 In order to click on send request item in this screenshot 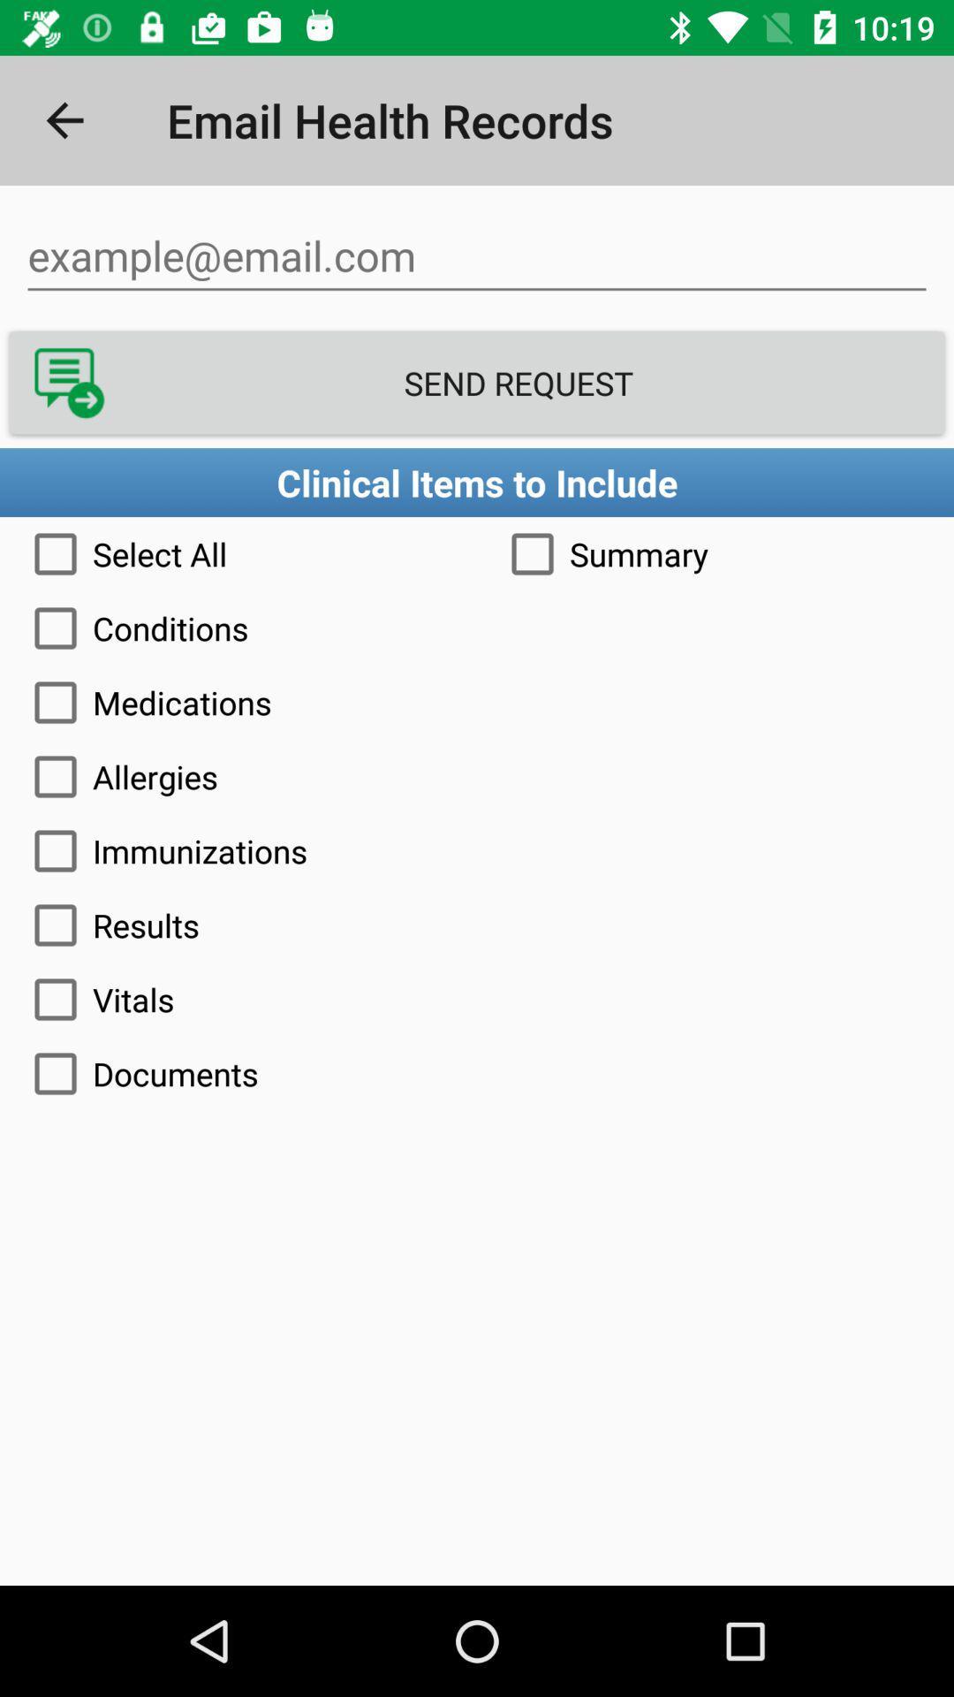, I will do `click(477, 382)`.